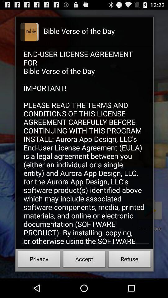 The image size is (168, 298). I want to click on the refuse, so click(129, 260).